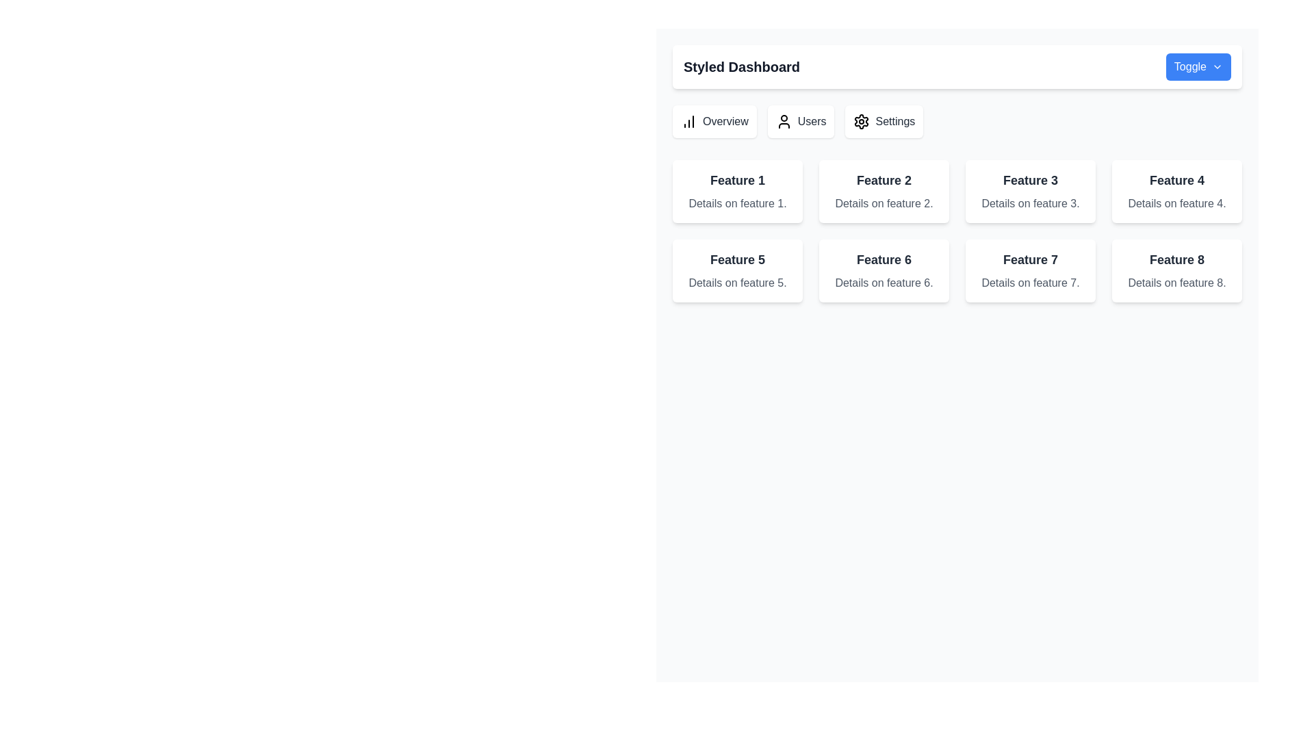 The image size is (1314, 739). I want to click on the static text element displaying 'Details on feature 6.' which is located beneath the title 'Feature 6' in a card layout, so click(884, 282).